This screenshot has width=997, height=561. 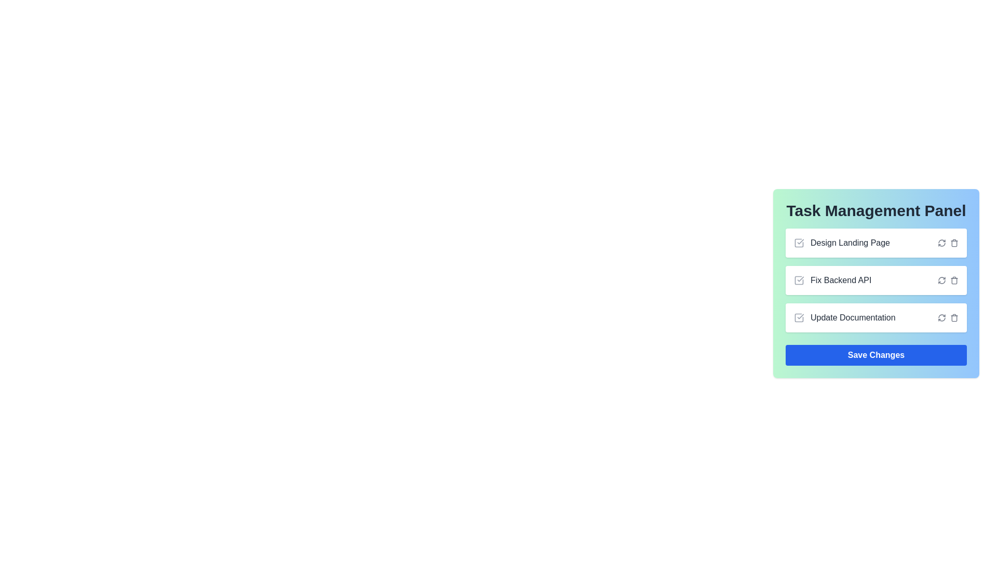 I want to click on the text label in the third row of the Task Management Panel, which is positioned to the right of a checkbox and has two icons to its right, so click(x=853, y=317).